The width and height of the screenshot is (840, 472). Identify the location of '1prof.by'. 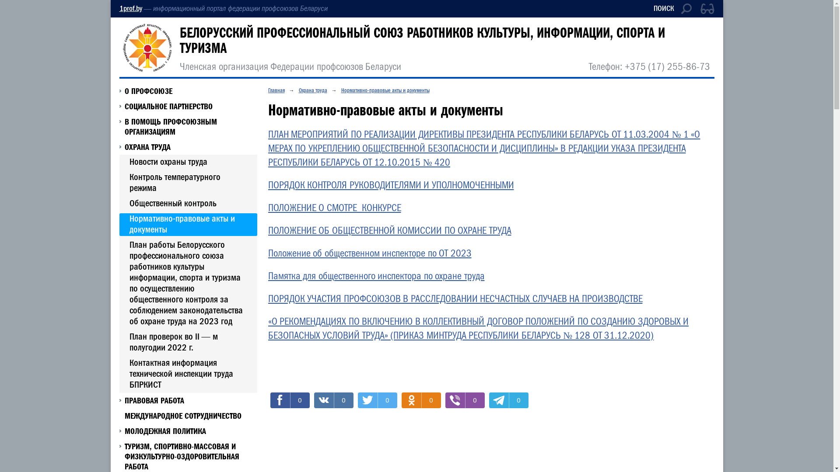
(119, 8).